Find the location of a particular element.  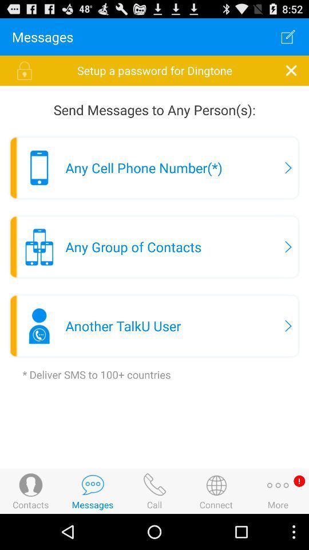

the edit icon is located at coordinates (287, 39).